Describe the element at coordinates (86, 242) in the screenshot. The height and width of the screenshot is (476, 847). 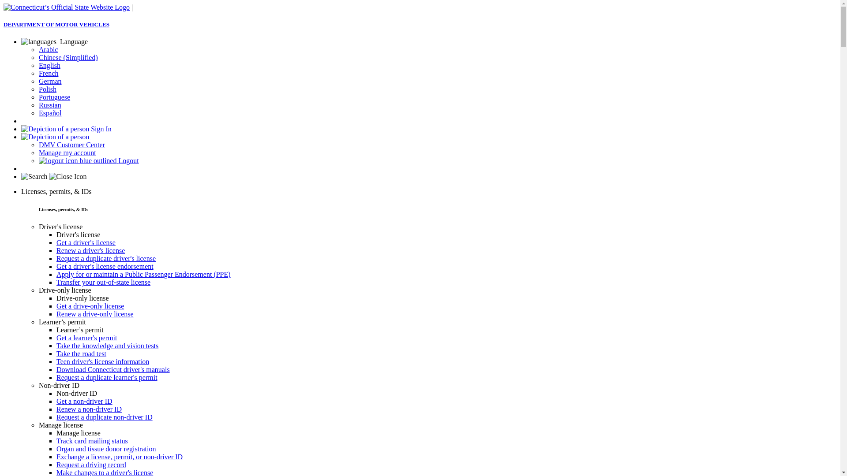
I see `'Get a driver's license'` at that location.